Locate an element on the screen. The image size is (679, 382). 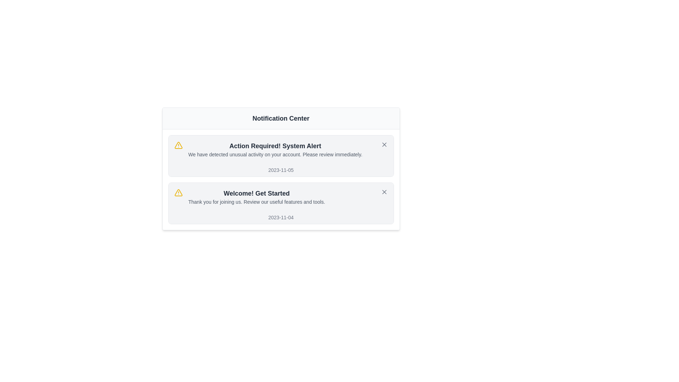
the second notification card in the Notification Center, which displays a warning icon, a title 'Welcome! Get Started', and the date '2023-11-04' is located at coordinates (280, 203).